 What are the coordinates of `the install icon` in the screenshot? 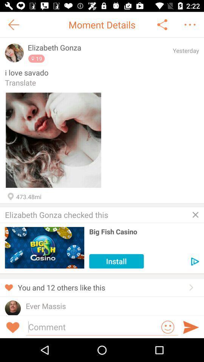 It's located at (116, 261).